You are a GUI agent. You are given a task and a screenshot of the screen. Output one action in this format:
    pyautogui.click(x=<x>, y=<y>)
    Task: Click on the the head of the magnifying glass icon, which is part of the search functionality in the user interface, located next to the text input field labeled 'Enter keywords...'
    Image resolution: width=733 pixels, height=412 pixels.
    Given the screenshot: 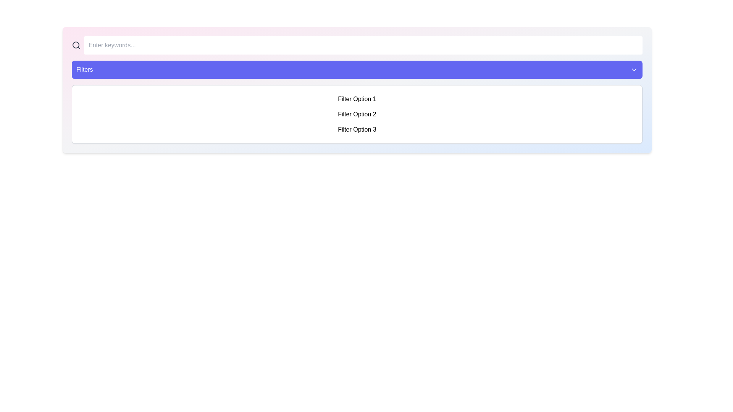 What is the action you would take?
    pyautogui.click(x=76, y=45)
    